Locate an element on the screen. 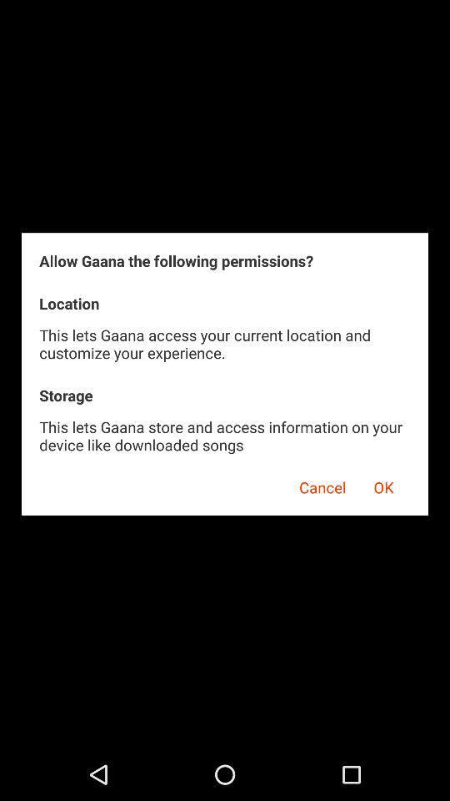  the item next to cancel is located at coordinates (383, 485).